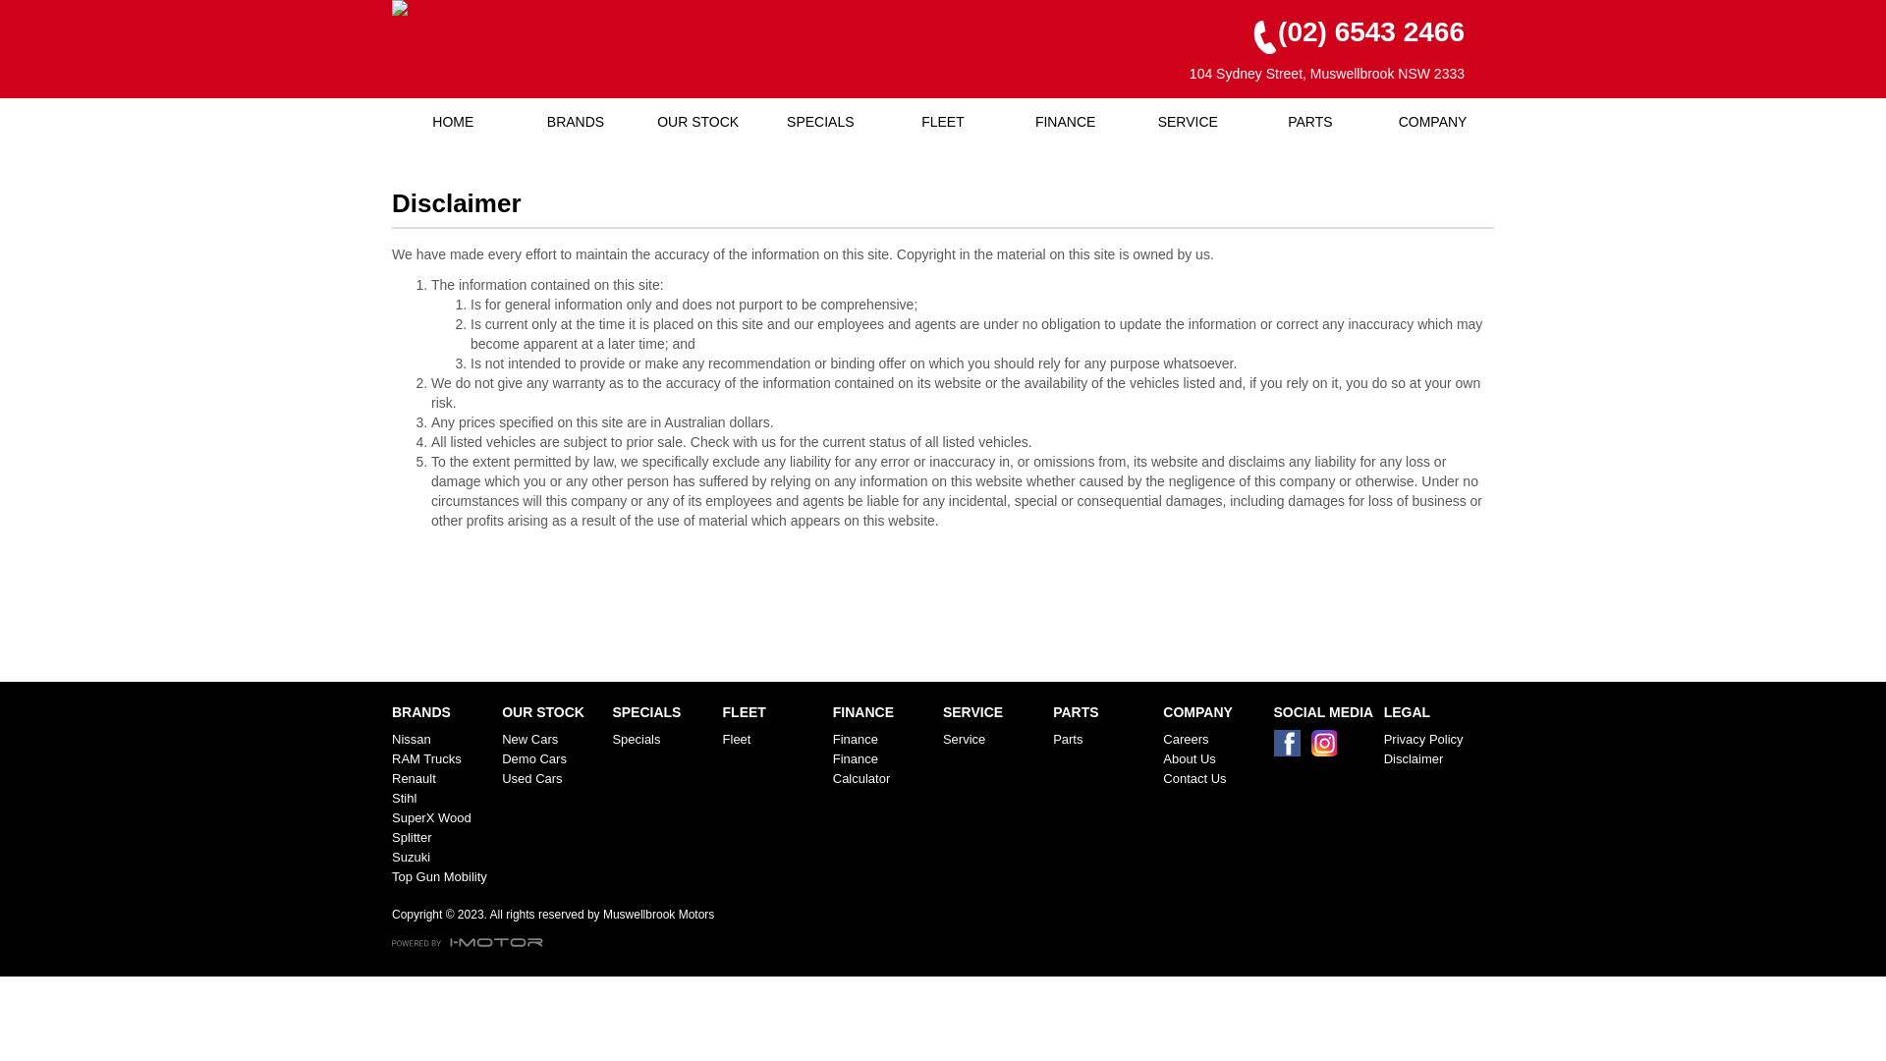 Image resolution: width=1886 pixels, height=1061 pixels. What do you see at coordinates (1310, 122) in the screenshot?
I see `'PARTS'` at bounding box center [1310, 122].